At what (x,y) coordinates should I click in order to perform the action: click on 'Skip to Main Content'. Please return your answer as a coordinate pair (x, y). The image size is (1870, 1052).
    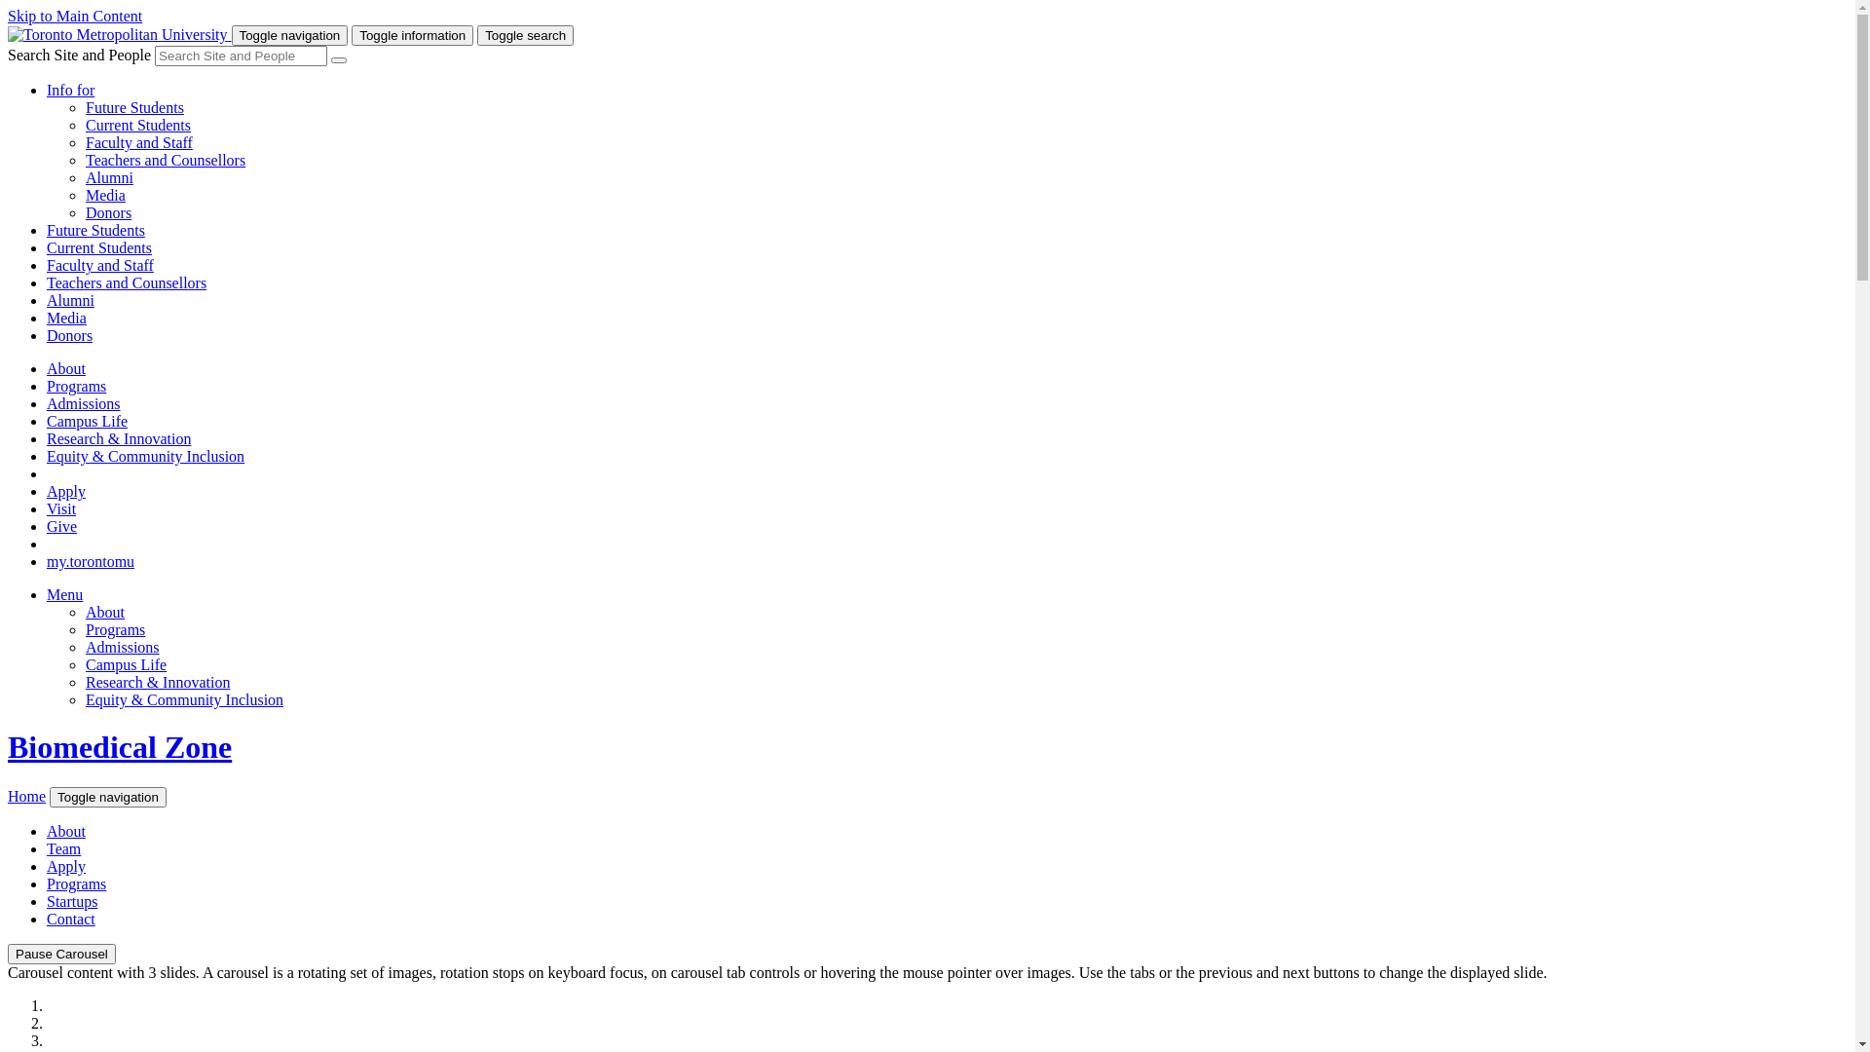
    Looking at the image, I should click on (74, 16).